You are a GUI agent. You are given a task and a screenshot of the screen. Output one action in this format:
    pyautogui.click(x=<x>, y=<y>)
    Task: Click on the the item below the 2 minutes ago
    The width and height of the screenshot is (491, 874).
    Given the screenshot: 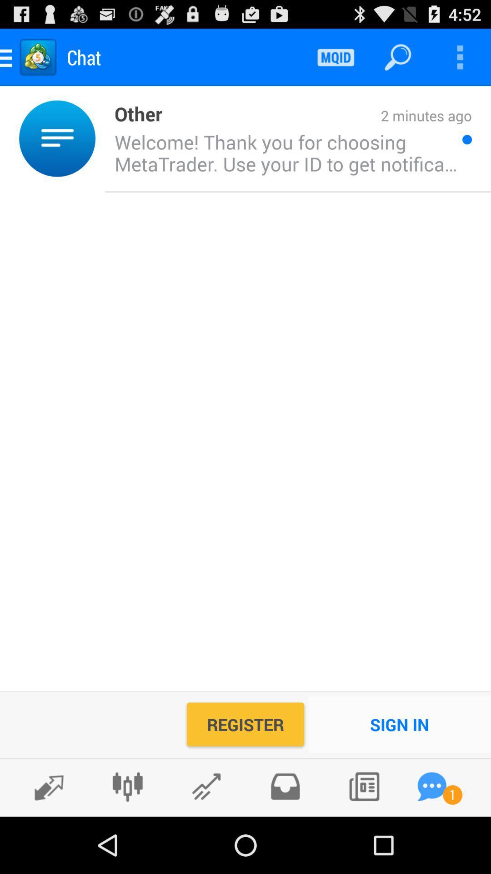 What is the action you would take?
    pyautogui.click(x=283, y=152)
    